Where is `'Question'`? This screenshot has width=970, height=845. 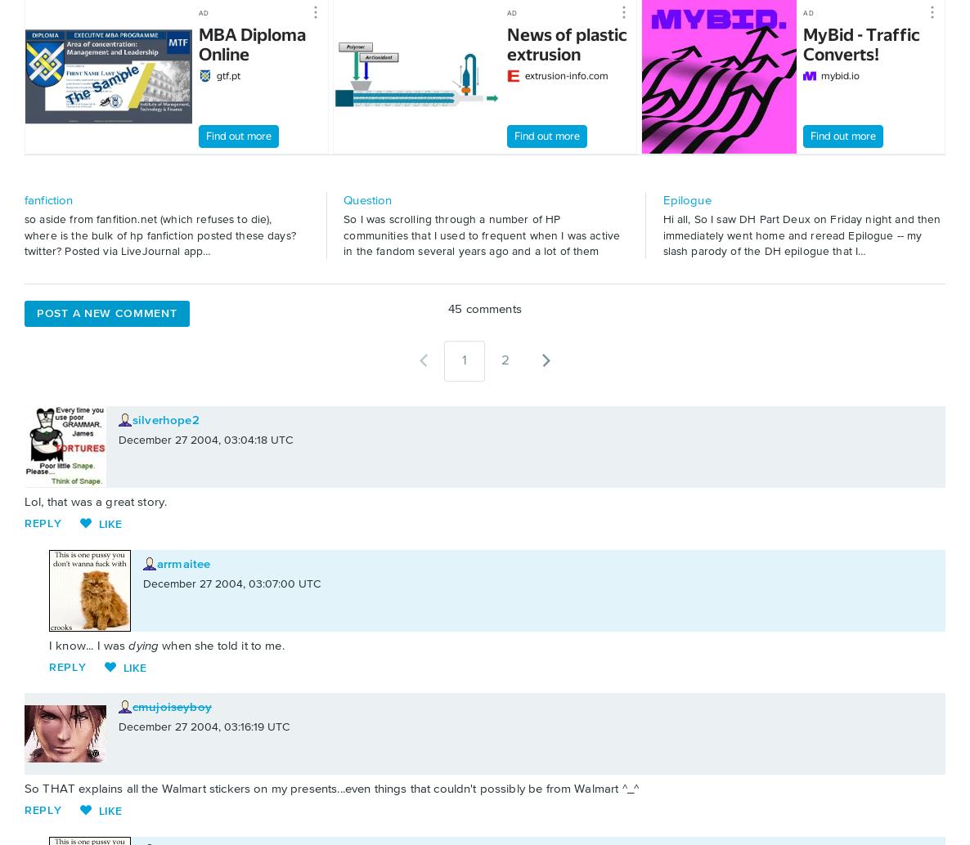
'Question' is located at coordinates (367, 199).